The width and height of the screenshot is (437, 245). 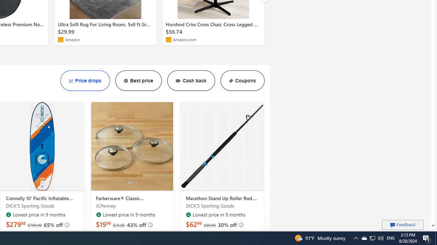 What do you see at coordinates (242, 80) in the screenshot?
I see `'sh-button-icon Coupons'` at bounding box center [242, 80].